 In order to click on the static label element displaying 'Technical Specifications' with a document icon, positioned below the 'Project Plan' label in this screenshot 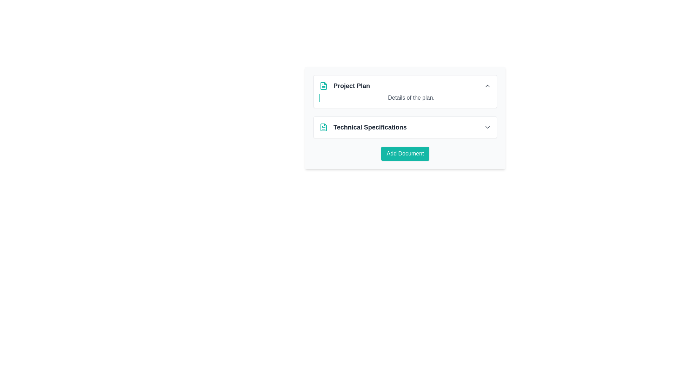, I will do `click(363, 127)`.